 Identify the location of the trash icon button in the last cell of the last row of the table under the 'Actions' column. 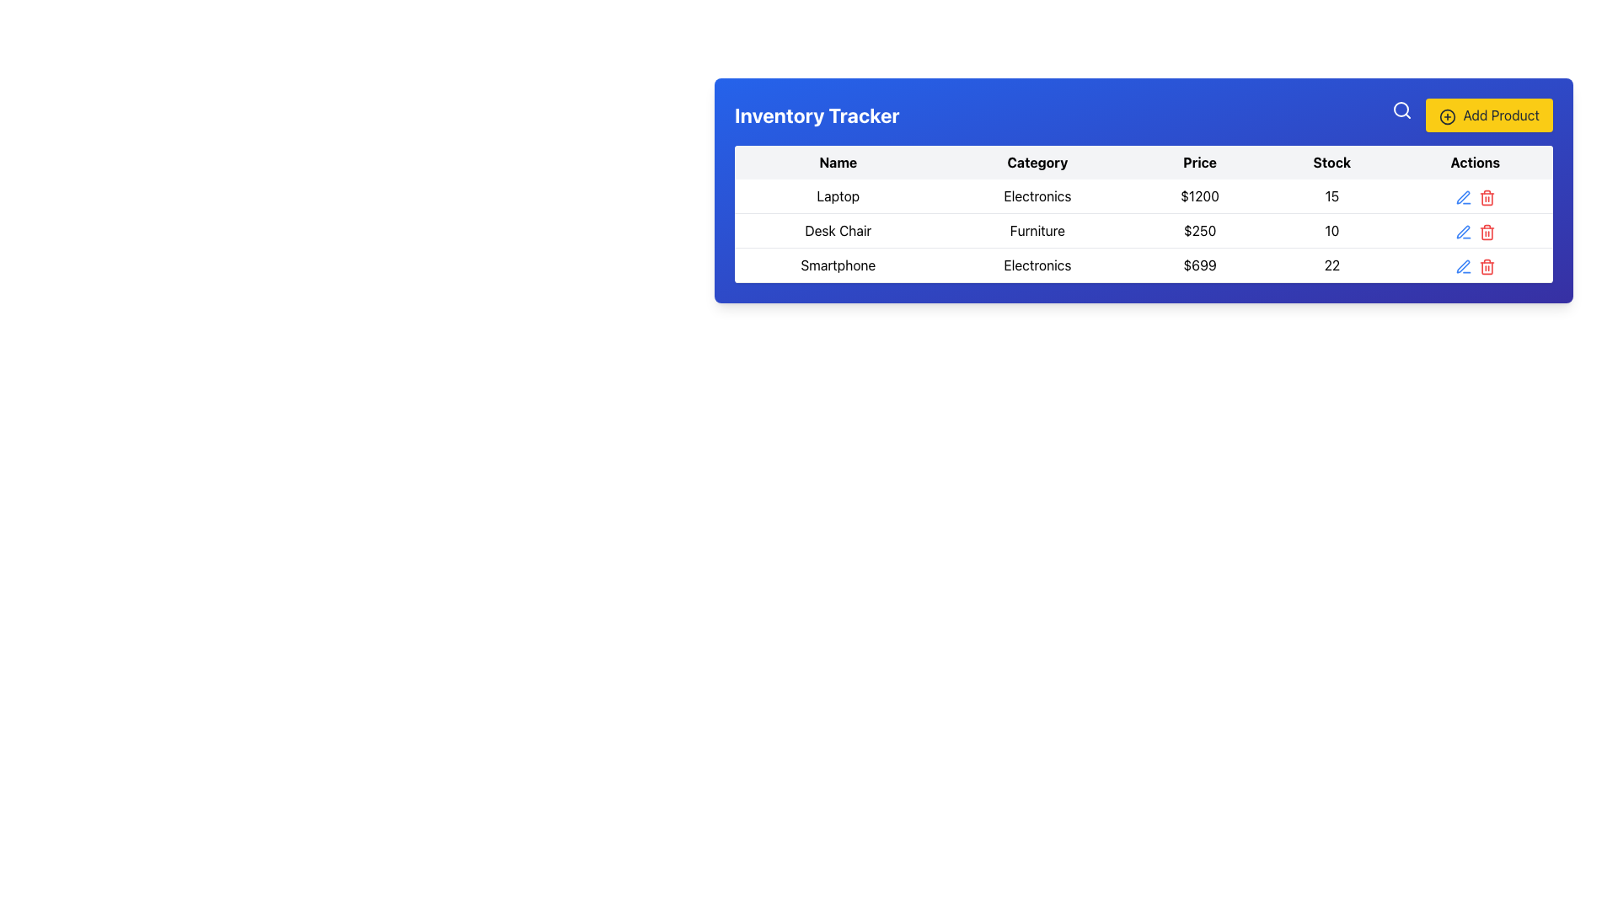
(1487, 265).